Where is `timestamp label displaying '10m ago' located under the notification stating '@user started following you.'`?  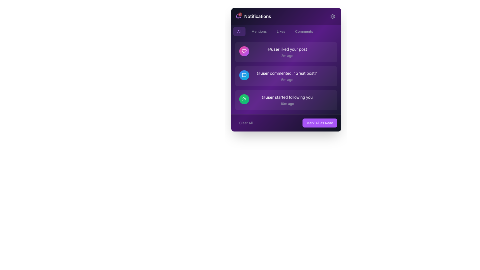 timestamp label displaying '10m ago' located under the notification stating '@user started following you.' is located at coordinates (287, 103).